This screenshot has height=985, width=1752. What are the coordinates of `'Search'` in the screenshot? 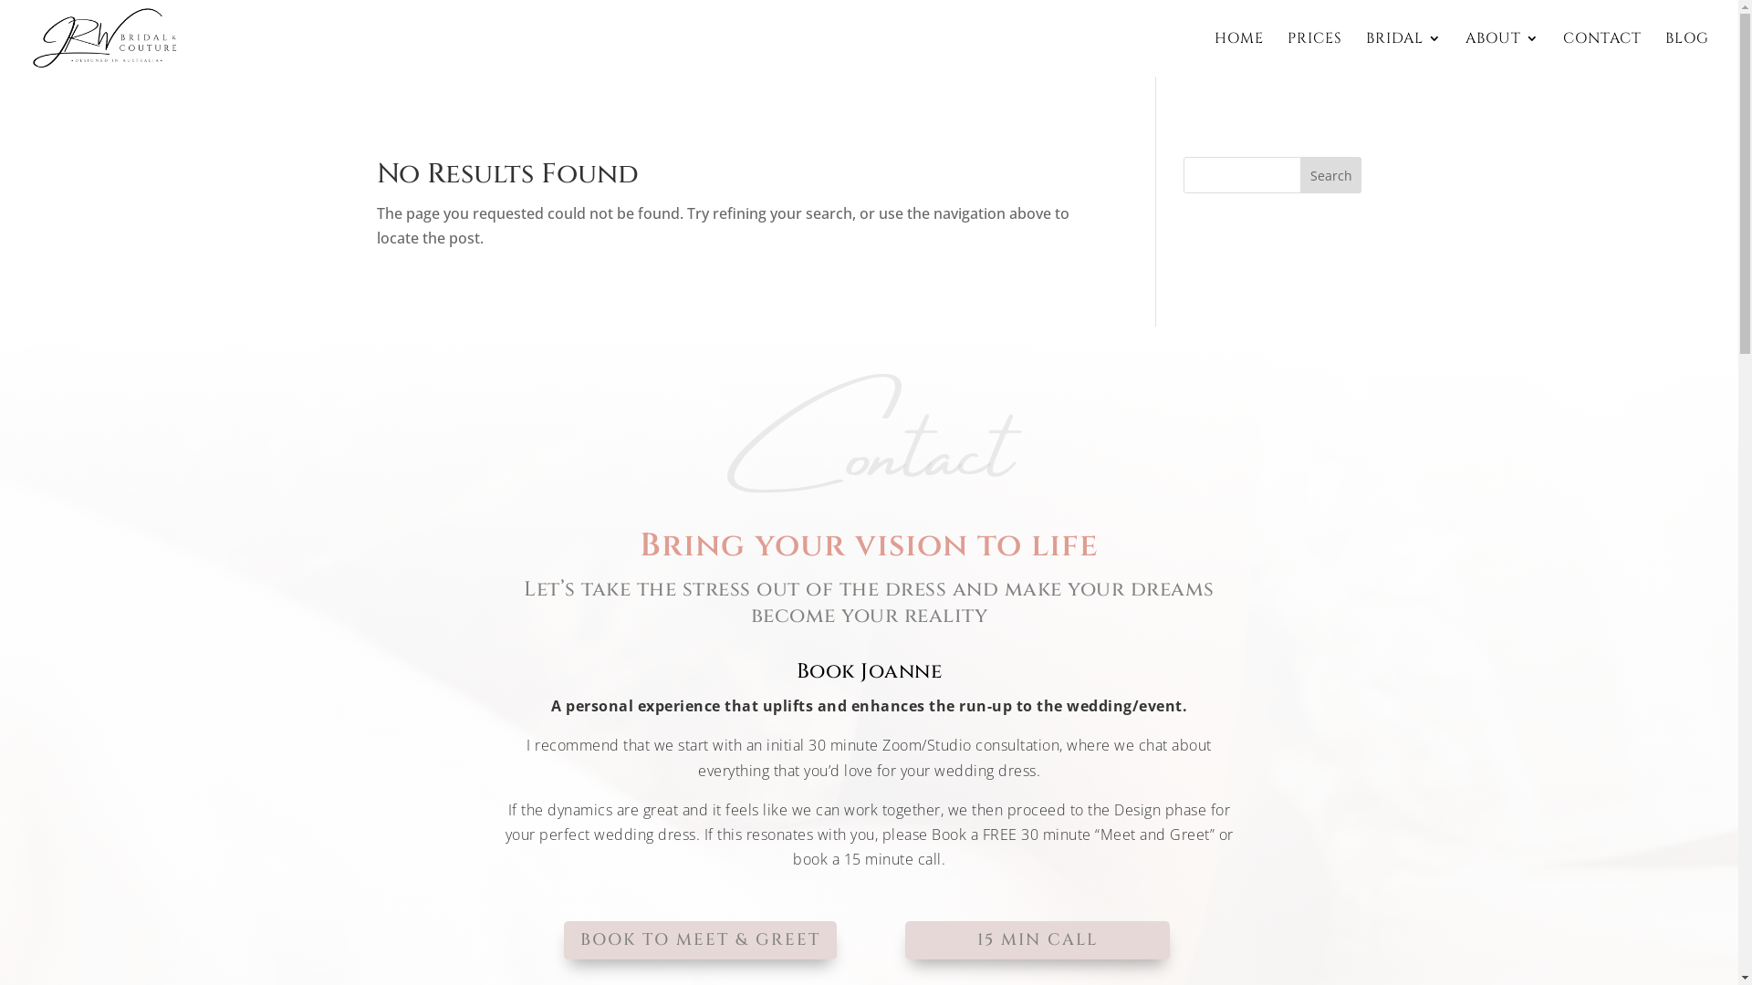 It's located at (1331, 175).